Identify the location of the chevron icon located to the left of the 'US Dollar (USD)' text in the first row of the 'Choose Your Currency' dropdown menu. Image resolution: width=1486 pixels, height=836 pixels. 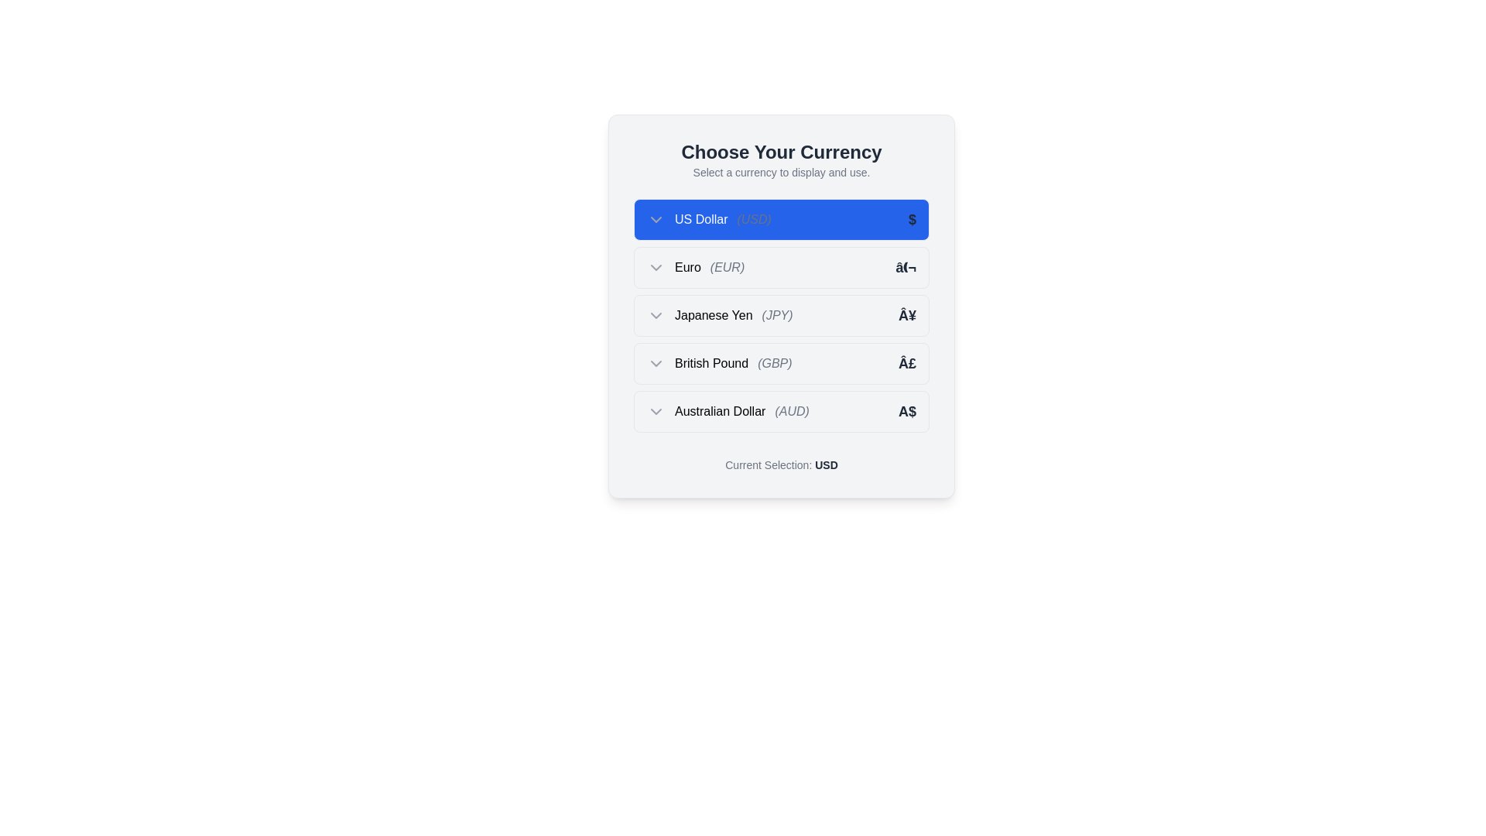
(656, 220).